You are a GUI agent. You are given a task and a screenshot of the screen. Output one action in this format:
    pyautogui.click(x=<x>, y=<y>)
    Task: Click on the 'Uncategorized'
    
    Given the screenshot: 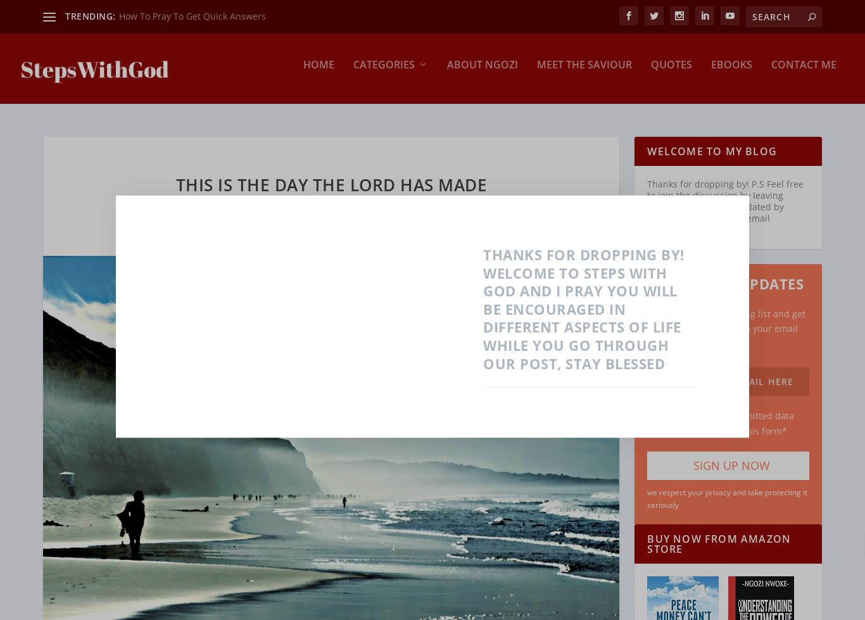 What is the action you would take?
    pyautogui.click(x=481, y=313)
    